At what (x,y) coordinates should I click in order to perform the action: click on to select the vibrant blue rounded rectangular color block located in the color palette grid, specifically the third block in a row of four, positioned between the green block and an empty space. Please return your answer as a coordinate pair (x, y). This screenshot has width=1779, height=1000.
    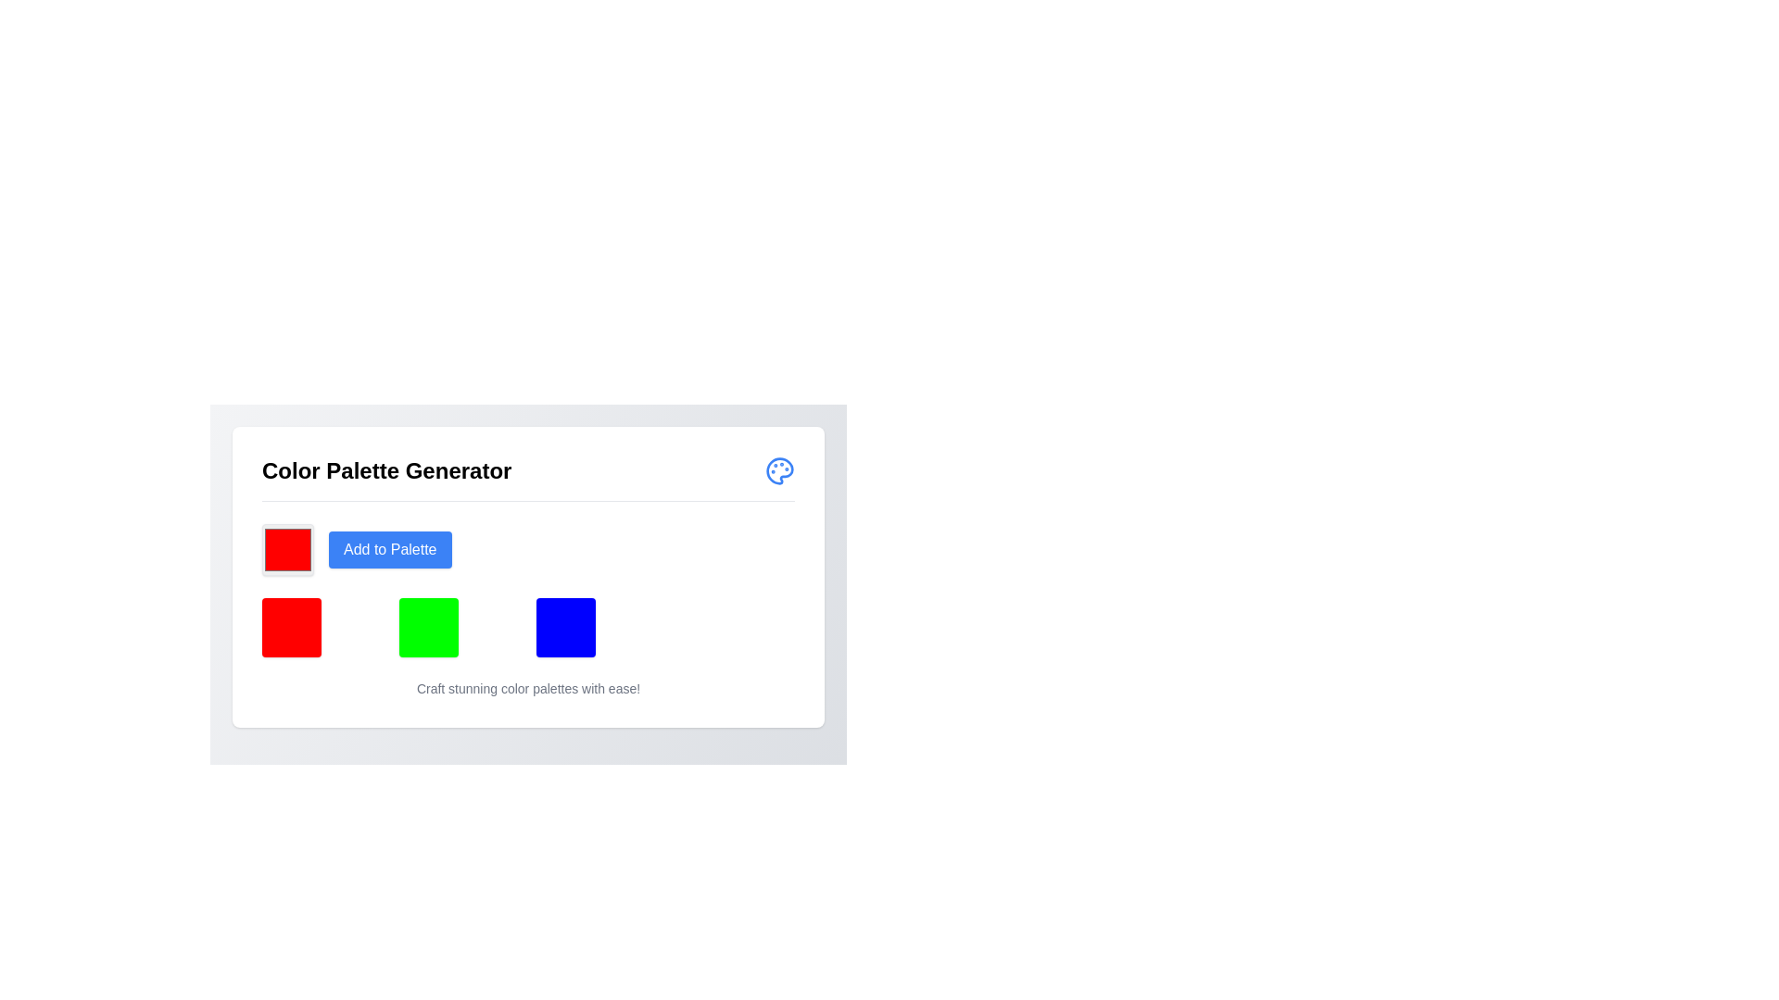
    Looking at the image, I should click on (527, 590).